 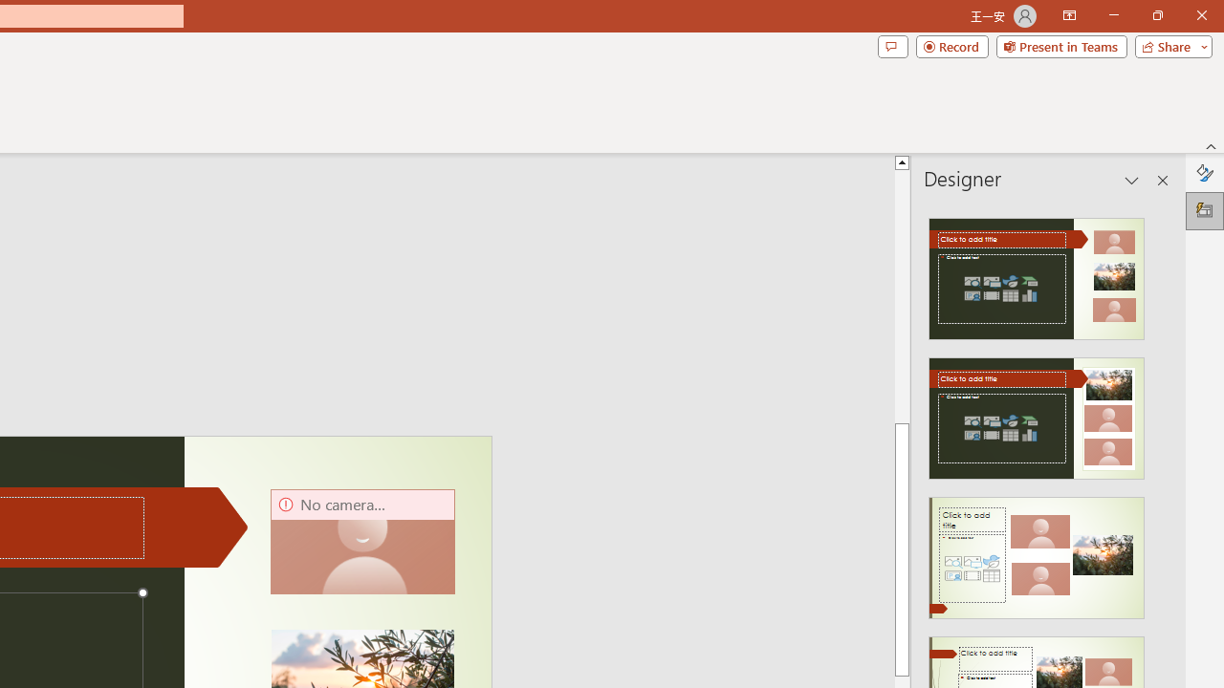 What do you see at coordinates (1204, 173) in the screenshot?
I see `'Format Background'` at bounding box center [1204, 173].